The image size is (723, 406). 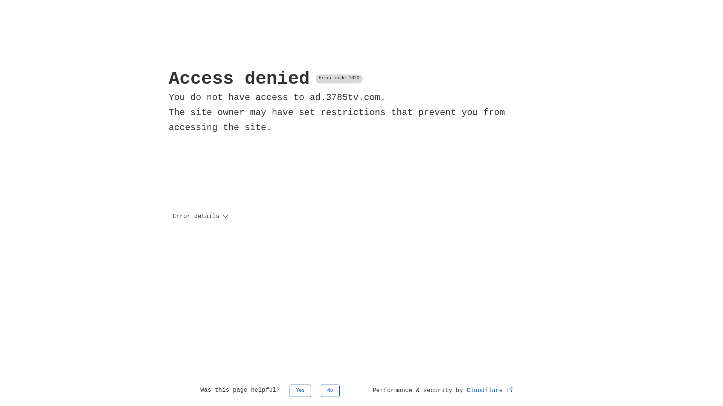 I want to click on 'Opens in new tab', so click(x=510, y=389).